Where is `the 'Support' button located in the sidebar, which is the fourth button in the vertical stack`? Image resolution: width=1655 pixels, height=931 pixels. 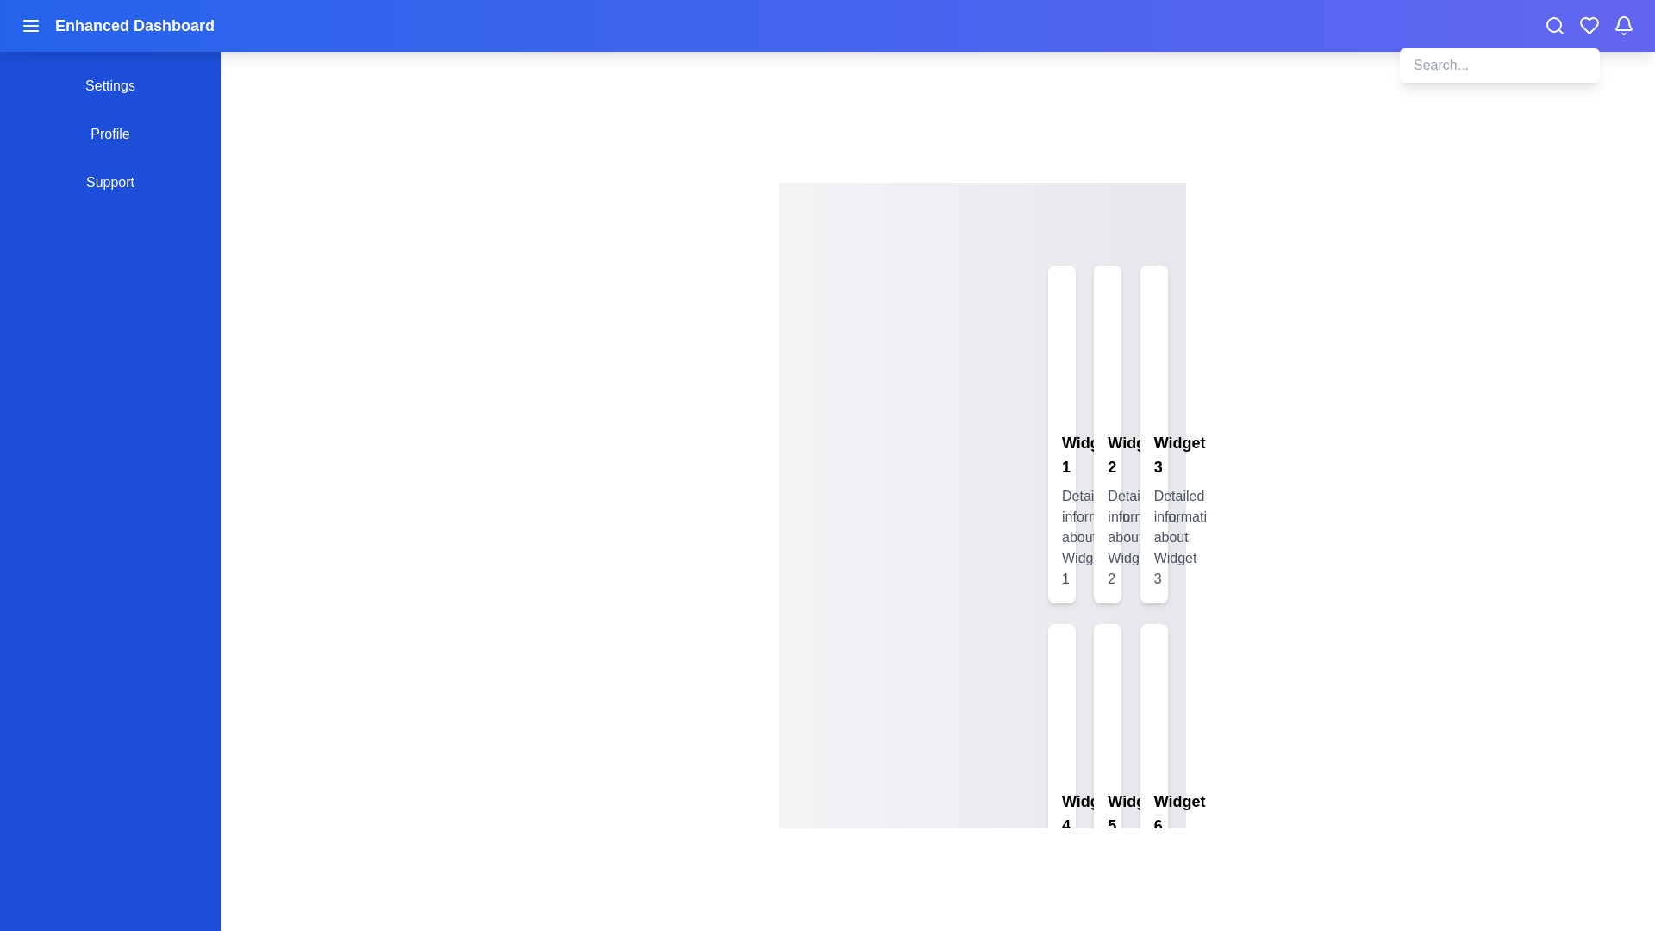
the 'Support' button located in the sidebar, which is the fourth button in the vertical stack is located at coordinates (109, 183).